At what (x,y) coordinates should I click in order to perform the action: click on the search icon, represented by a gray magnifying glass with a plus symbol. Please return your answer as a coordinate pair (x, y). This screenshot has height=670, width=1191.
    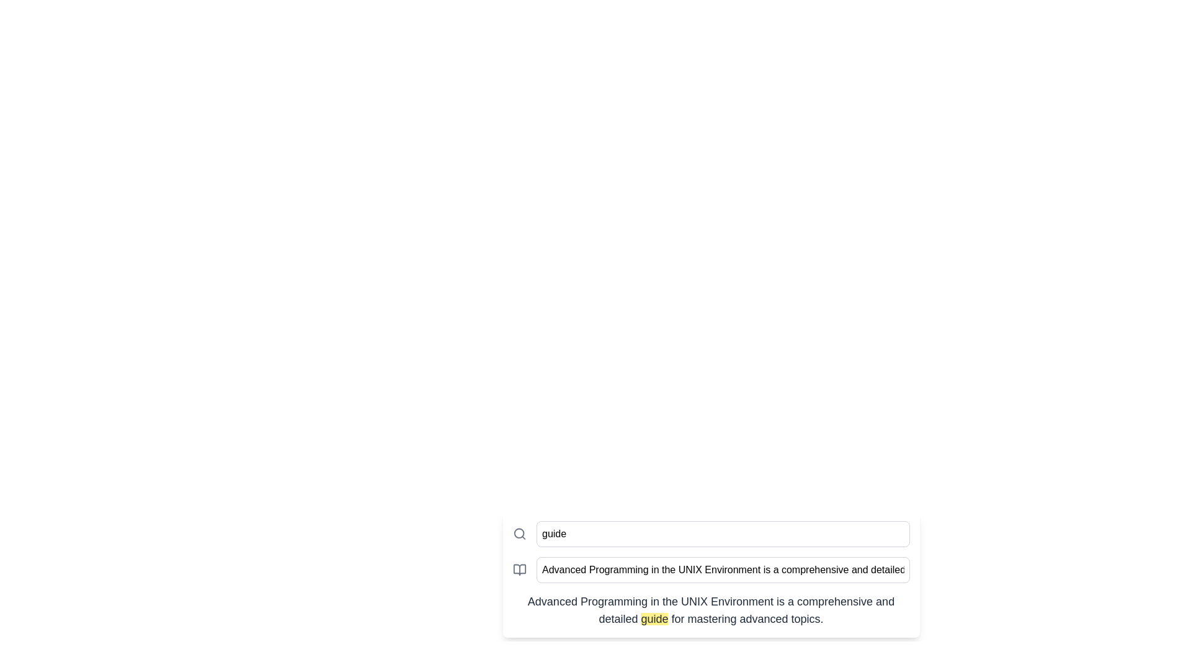
    Looking at the image, I should click on (519, 533).